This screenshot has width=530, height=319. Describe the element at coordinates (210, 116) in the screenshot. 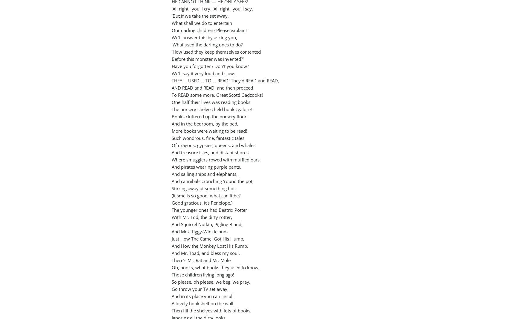

I see `'Books cluttered up the nursery floor!'` at that location.